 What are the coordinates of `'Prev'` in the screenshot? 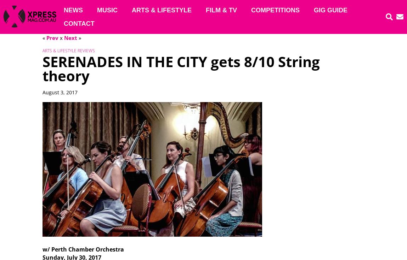 It's located at (51, 37).